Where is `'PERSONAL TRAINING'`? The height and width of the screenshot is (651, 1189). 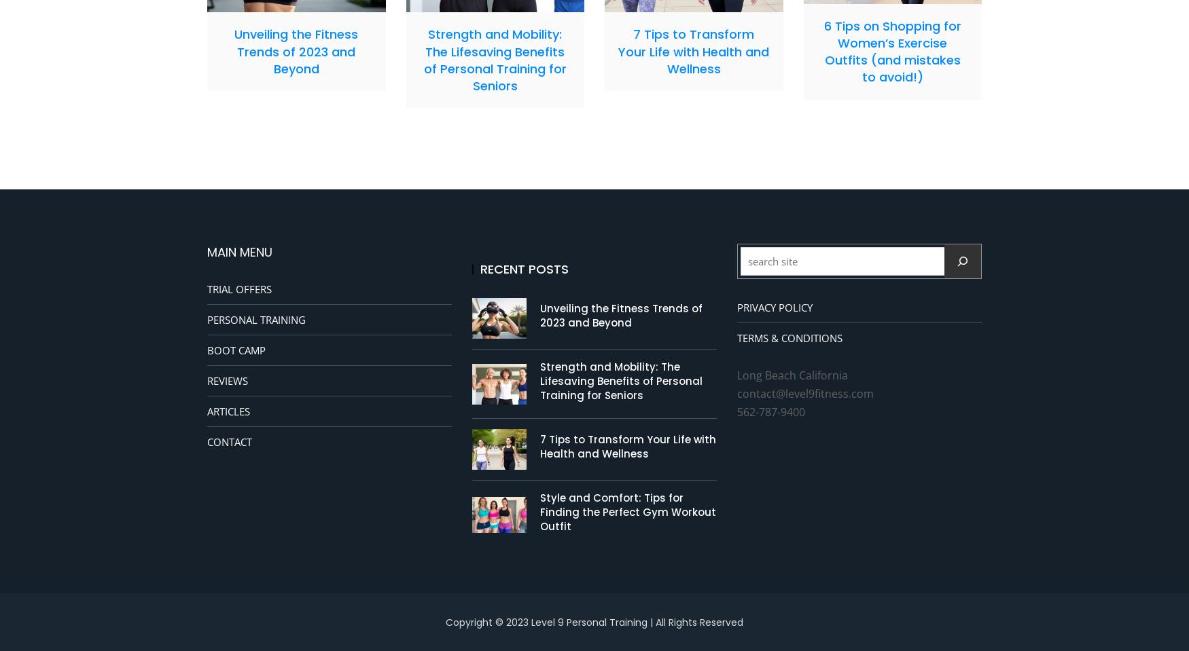
'PERSONAL TRAINING' is located at coordinates (255, 318).